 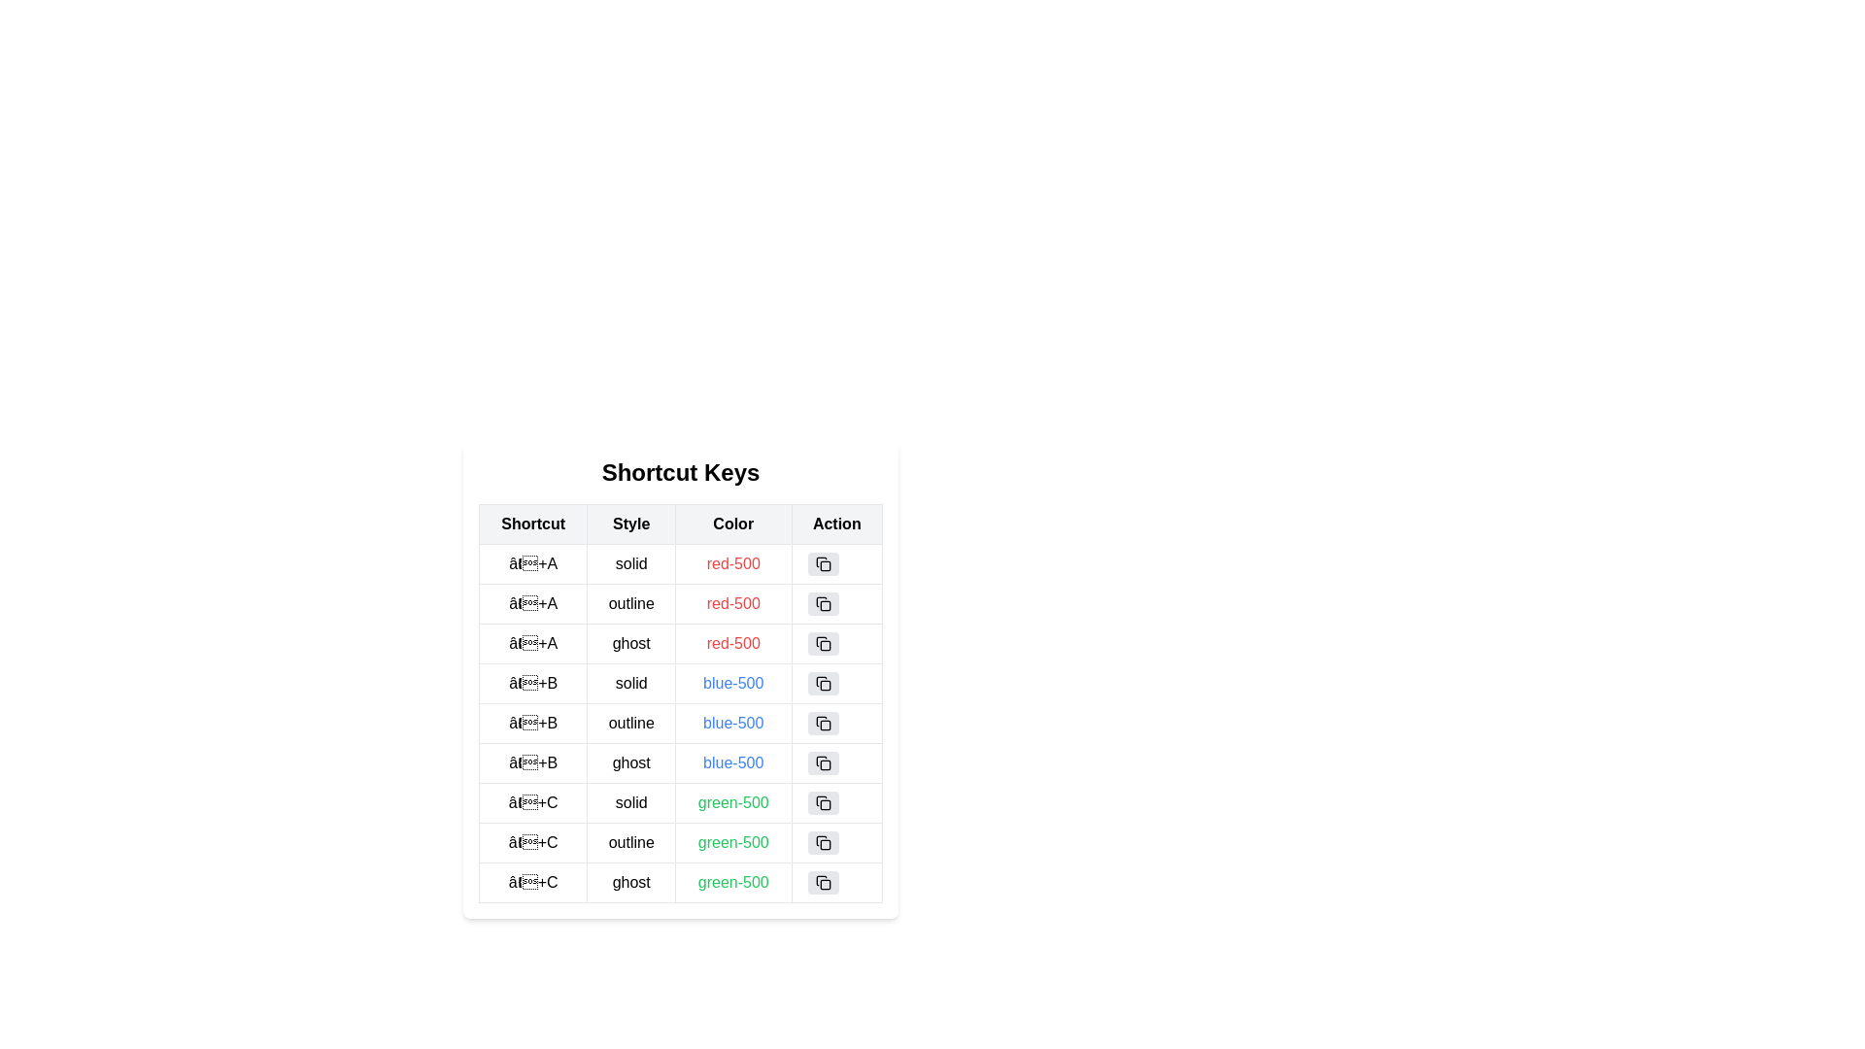 What do you see at coordinates (680, 472) in the screenshot?
I see `text label that says 'Shortcut Keys', which is prominently displayed in bold and large font at the top of a section containing shortcut keys information` at bounding box center [680, 472].